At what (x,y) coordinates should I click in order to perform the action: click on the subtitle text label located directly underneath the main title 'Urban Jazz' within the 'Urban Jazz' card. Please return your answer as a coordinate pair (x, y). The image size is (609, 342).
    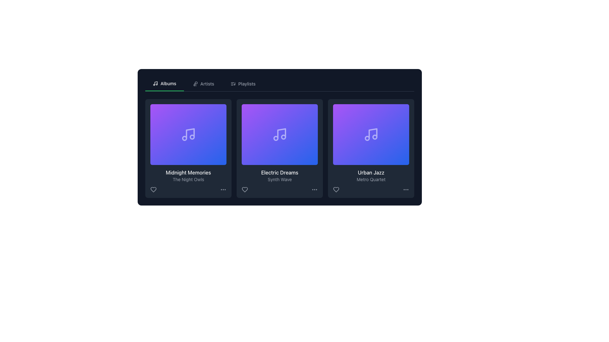
    Looking at the image, I should click on (371, 180).